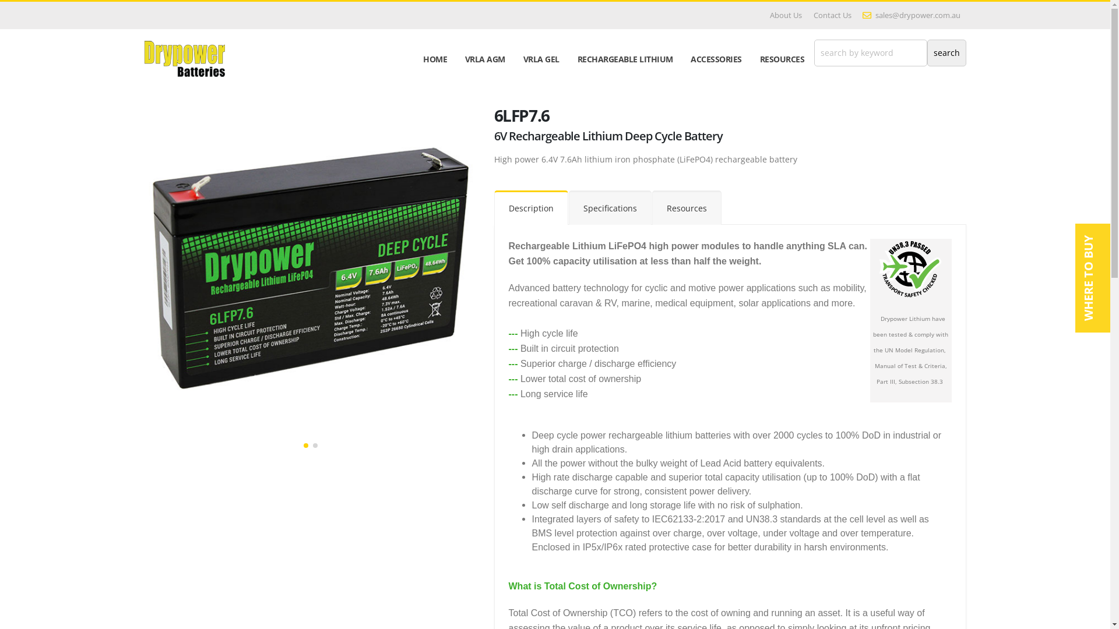 Image resolution: width=1119 pixels, height=629 pixels. I want to click on 'RECHARGEABLE LITHIUM', so click(624, 59).